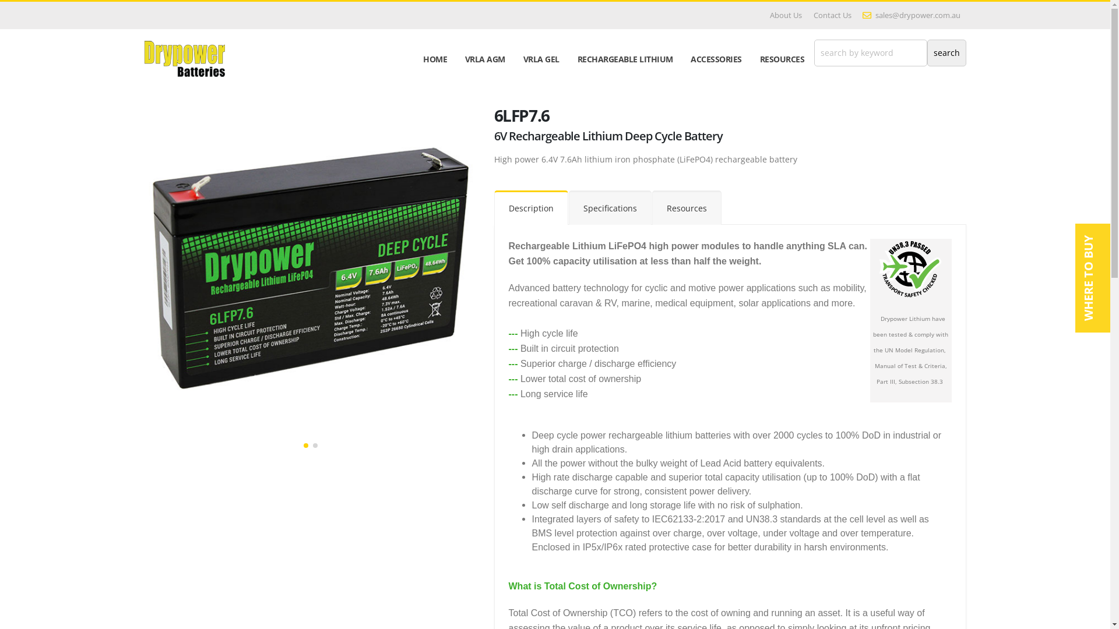 Image resolution: width=1119 pixels, height=629 pixels. I want to click on 'RECHARGEABLE LITHIUM', so click(624, 59).